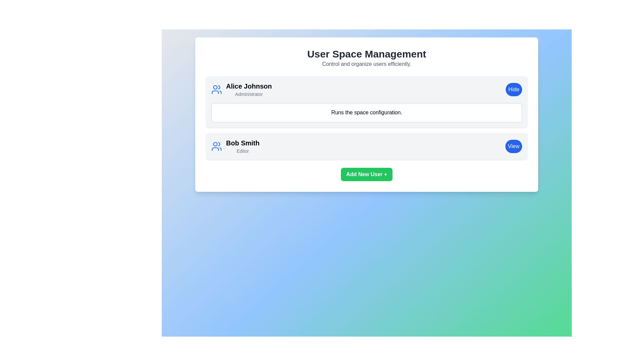  I want to click on the vector graphic element that represents a portion of the user group icon located in the top-left corner of the 'Alice Johnson' card, so click(215, 149).